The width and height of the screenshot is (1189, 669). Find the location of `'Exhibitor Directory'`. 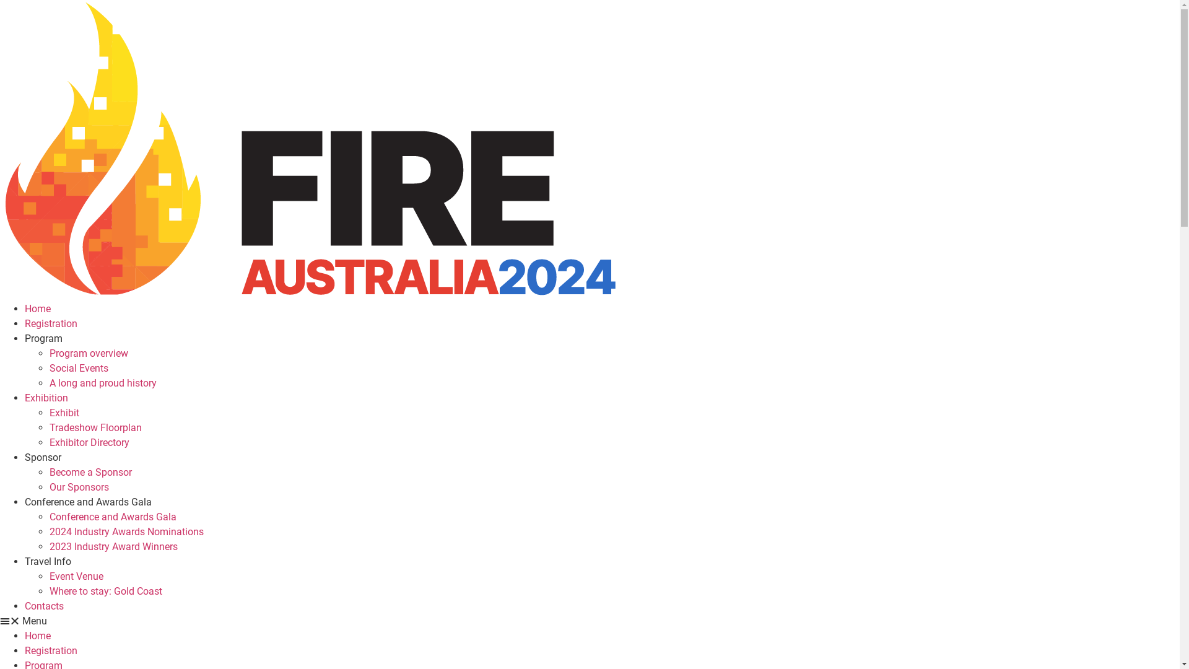

'Exhibitor Directory' is located at coordinates (89, 442).